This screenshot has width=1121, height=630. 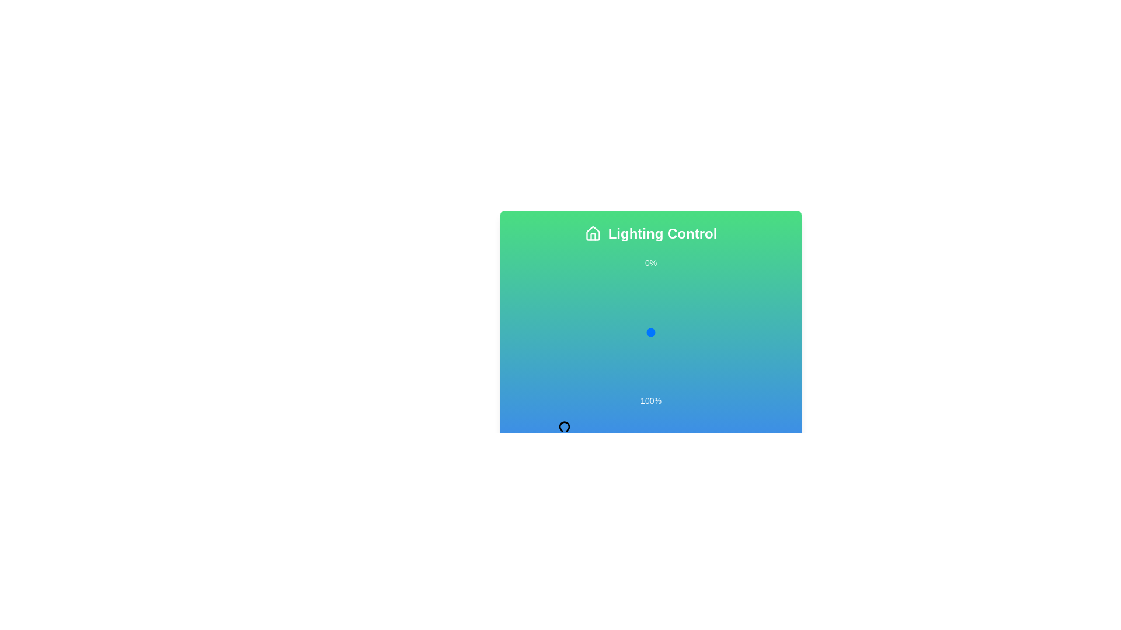 I want to click on the slider, so click(x=650, y=334).